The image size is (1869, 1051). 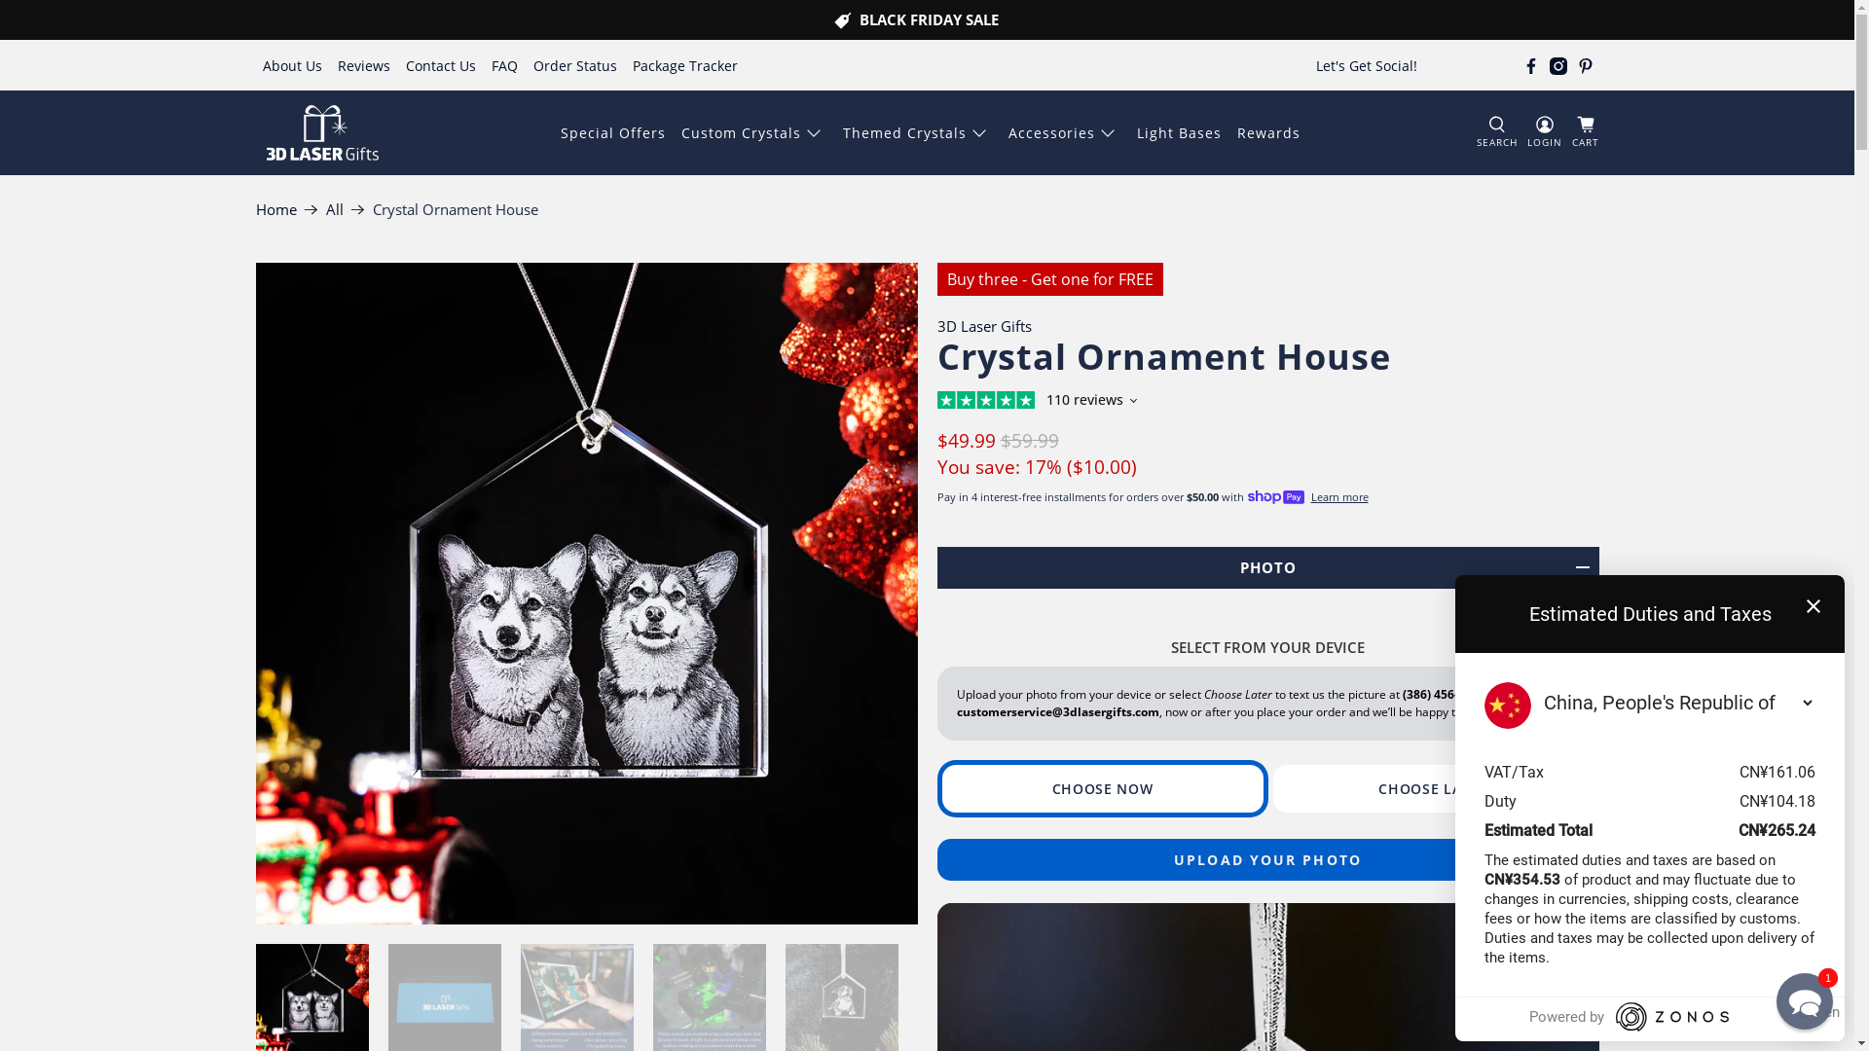 What do you see at coordinates (291, 64) in the screenshot?
I see `'About Us'` at bounding box center [291, 64].